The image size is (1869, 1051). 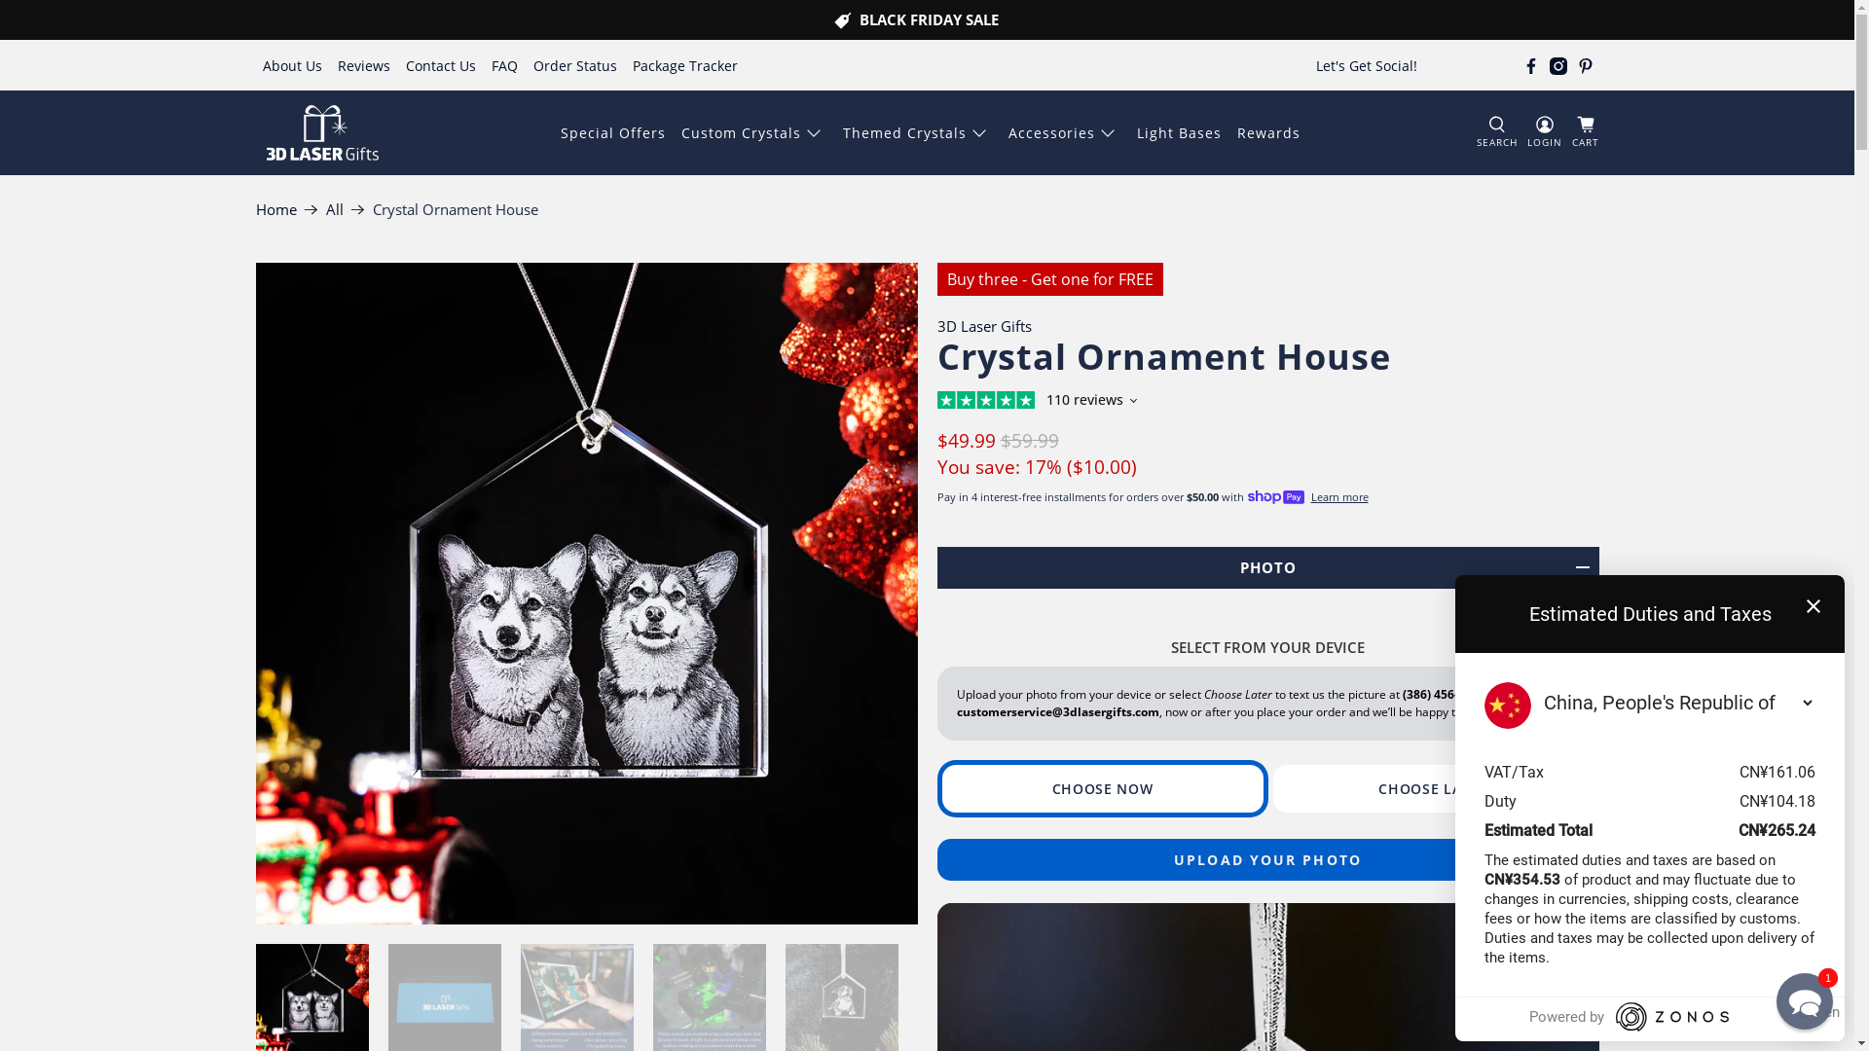 What do you see at coordinates (291, 64) in the screenshot?
I see `'About Us'` at bounding box center [291, 64].